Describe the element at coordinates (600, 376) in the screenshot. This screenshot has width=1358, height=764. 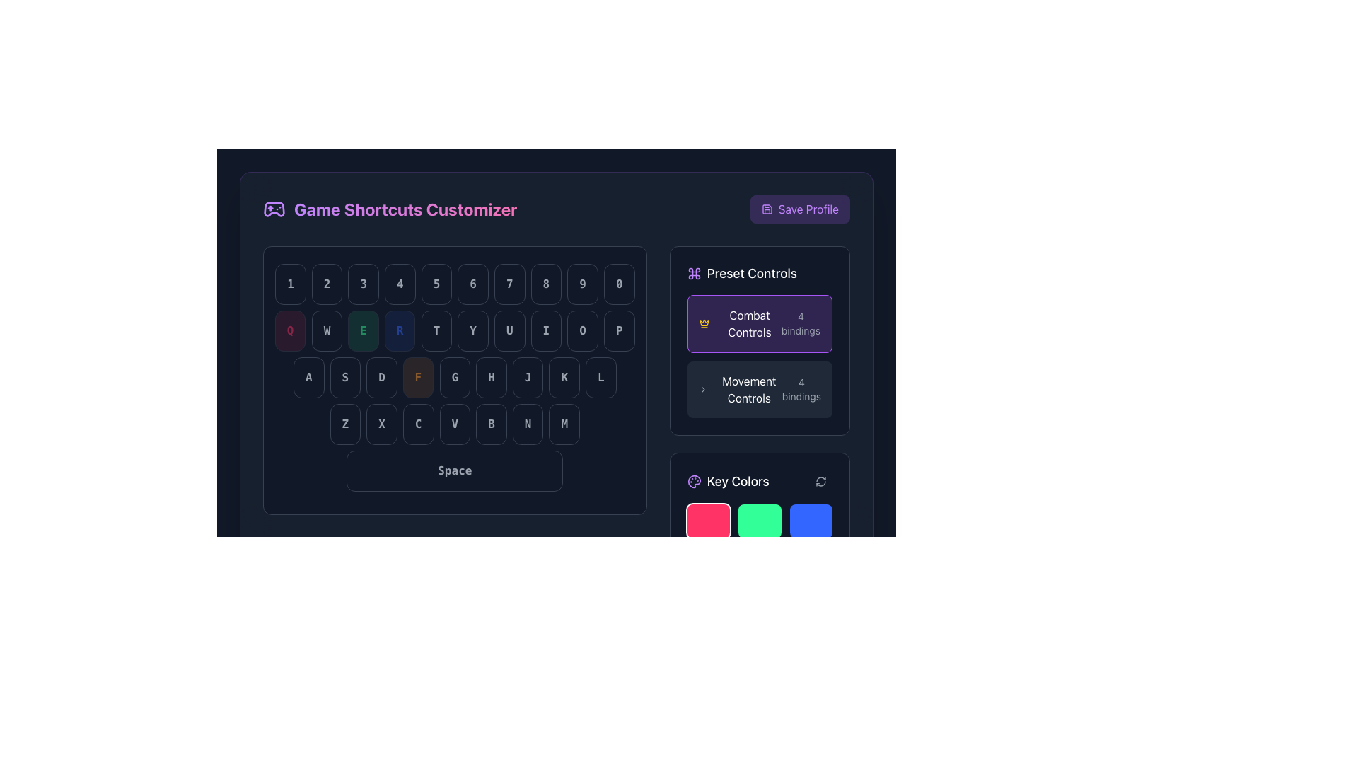
I see `the 'L' key button in the virtual keyboard interface for additional information` at that location.